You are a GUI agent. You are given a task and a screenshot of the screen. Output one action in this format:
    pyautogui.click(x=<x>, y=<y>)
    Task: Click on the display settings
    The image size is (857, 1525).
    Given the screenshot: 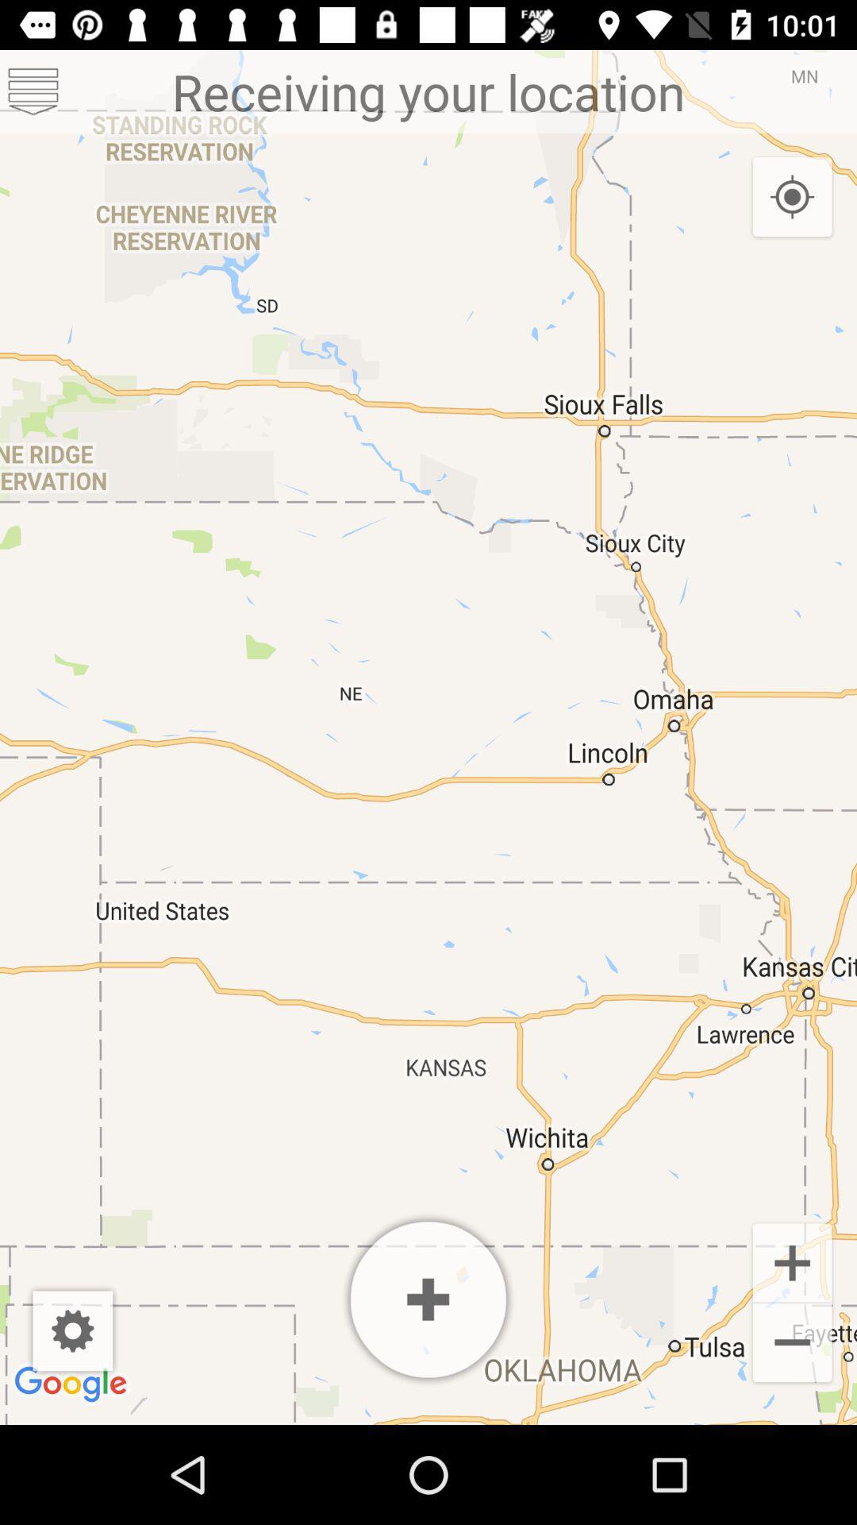 What is the action you would take?
    pyautogui.click(x=72, y=1330)
    